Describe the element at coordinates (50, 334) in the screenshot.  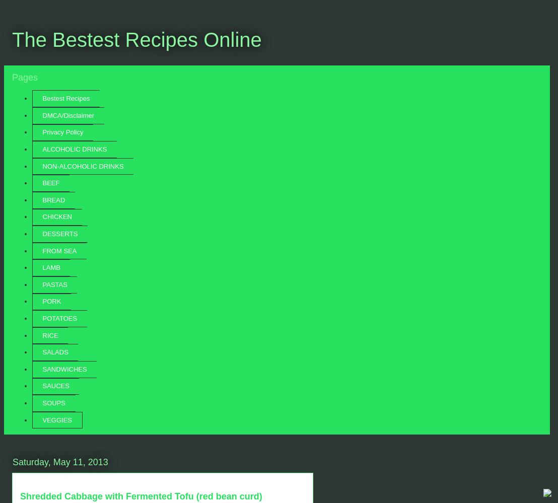
I see `'RICE'` at that location.